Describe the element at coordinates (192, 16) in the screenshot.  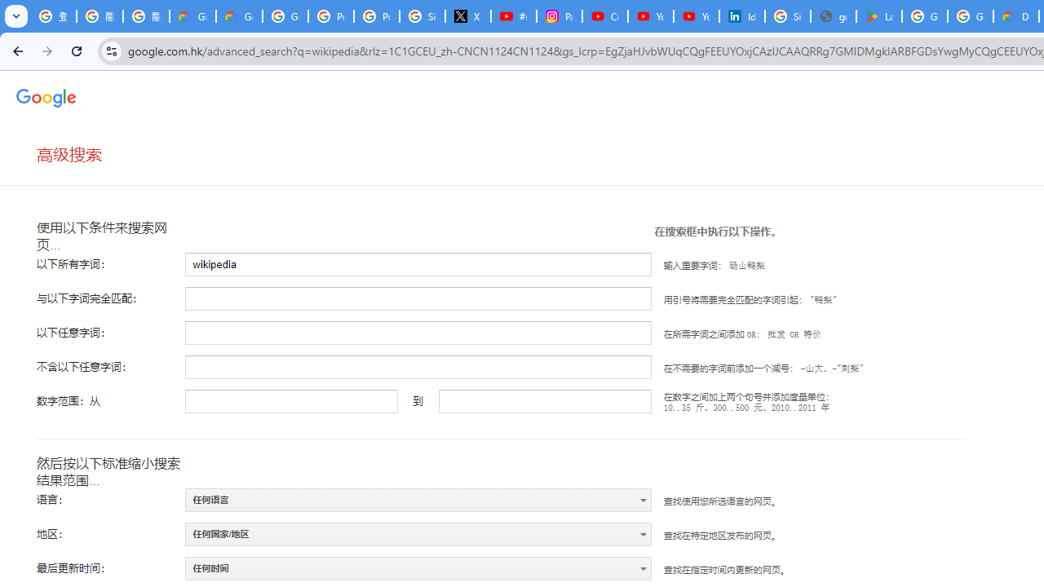
I see `'Google Cloud Privacy Notice'` at that location.